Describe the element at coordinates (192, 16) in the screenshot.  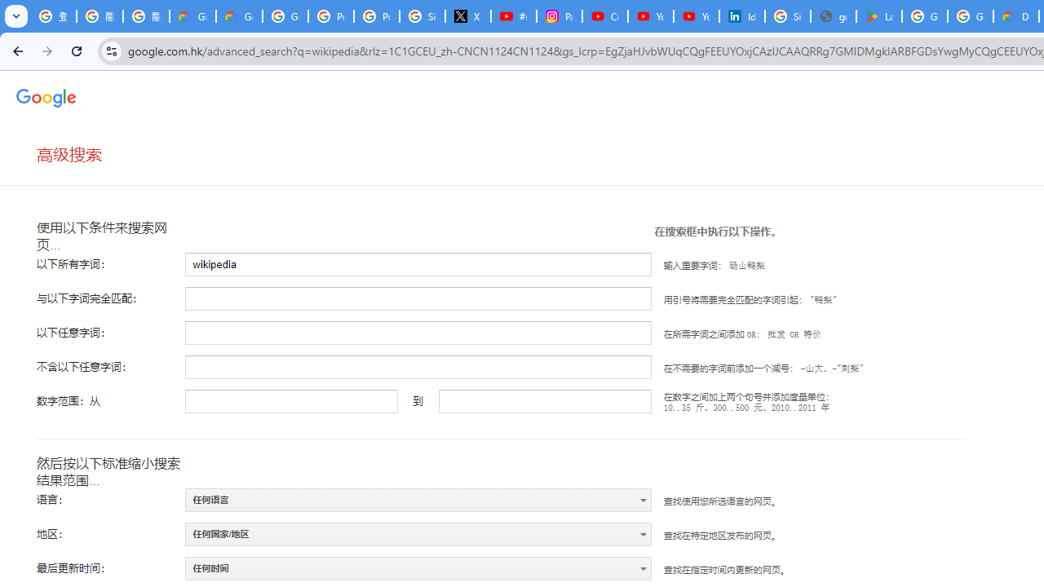
I see `'Google Cloud Privacy Notice'` at that location.